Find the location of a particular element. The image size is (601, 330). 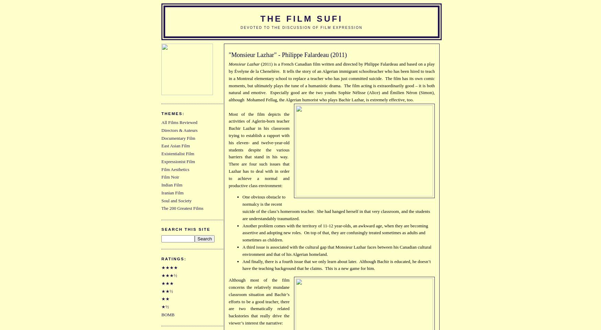

'"Monsieur Lazhar" - Philippe Falardeau (2011)' is located at coordinates (287, 54).